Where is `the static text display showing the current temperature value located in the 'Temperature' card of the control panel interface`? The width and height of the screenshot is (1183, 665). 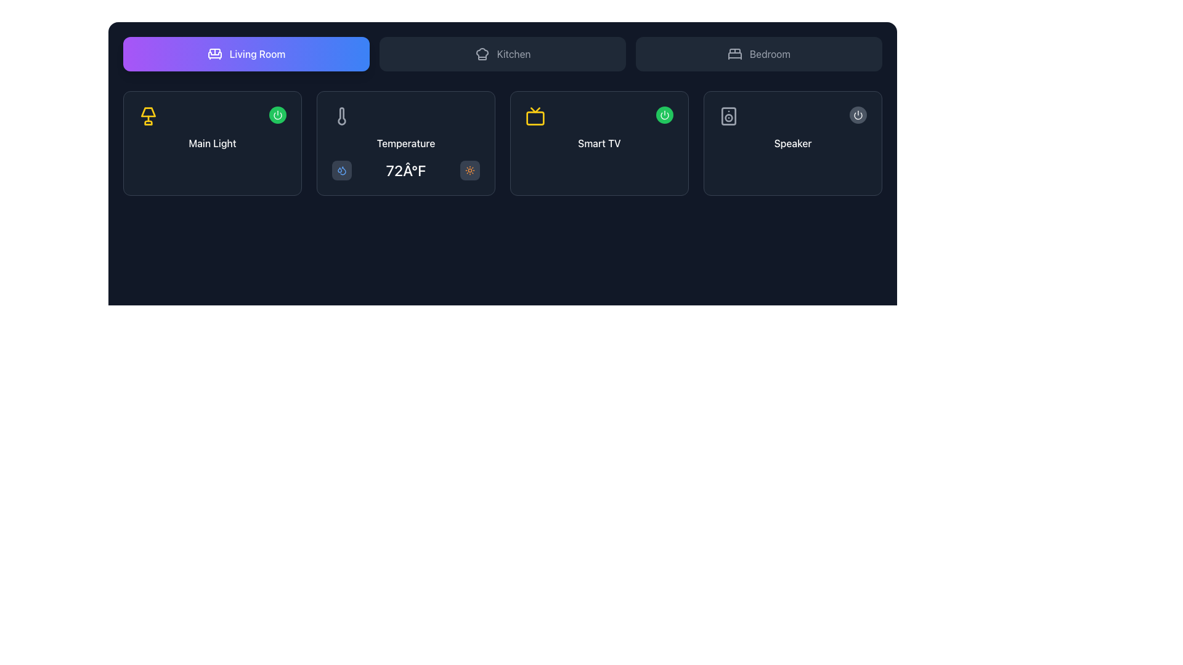 the static text display showing the current temperature value located in the 'Temperature' card of the control panel interface is located at coordinates (405, 171).